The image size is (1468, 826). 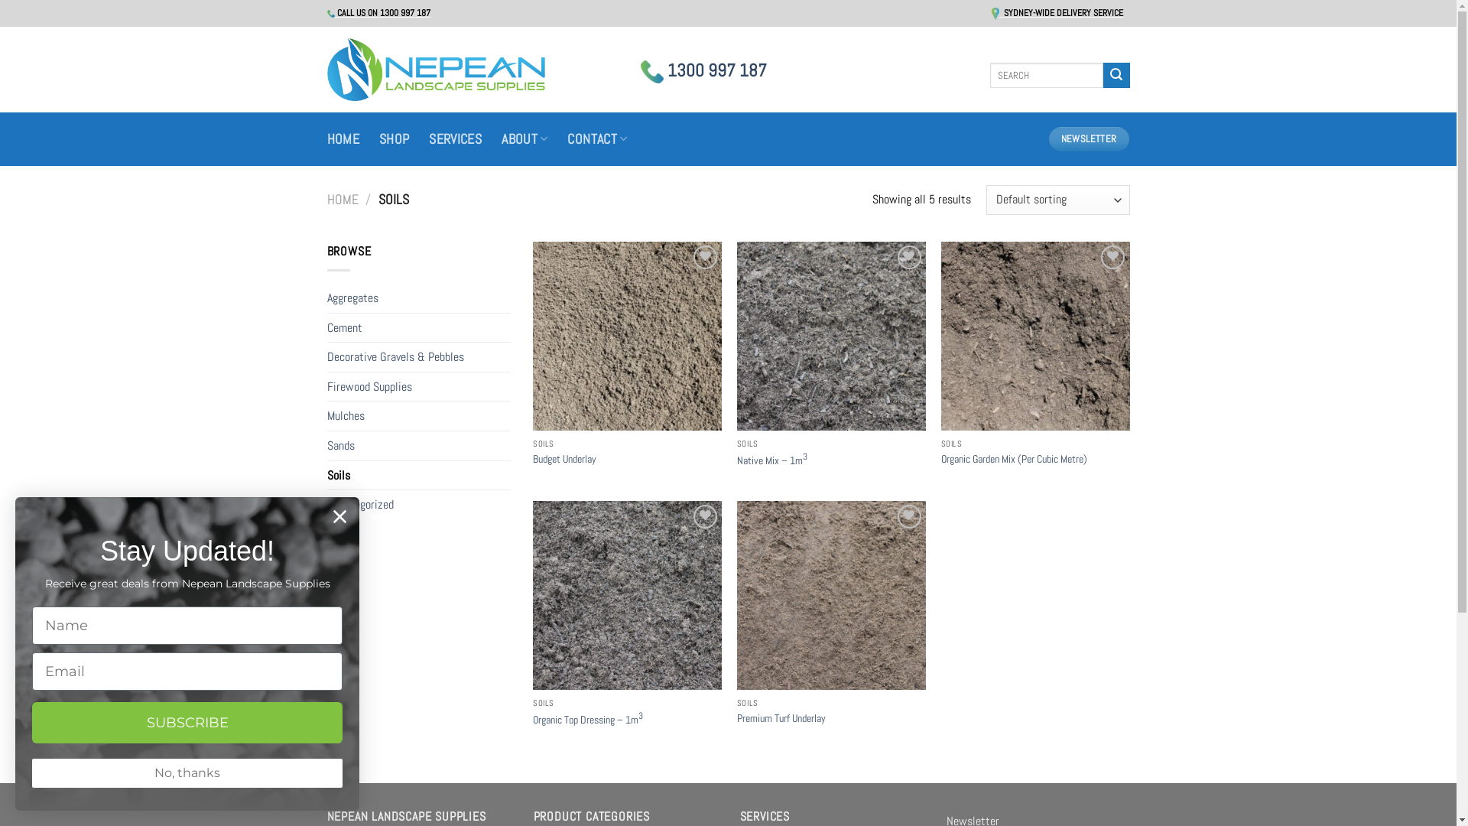 What do you see at coordinates (418, 356) in the screenshot?
I see `'Decorative Gravels & Pebbles'` at bounding box center [418, 356].